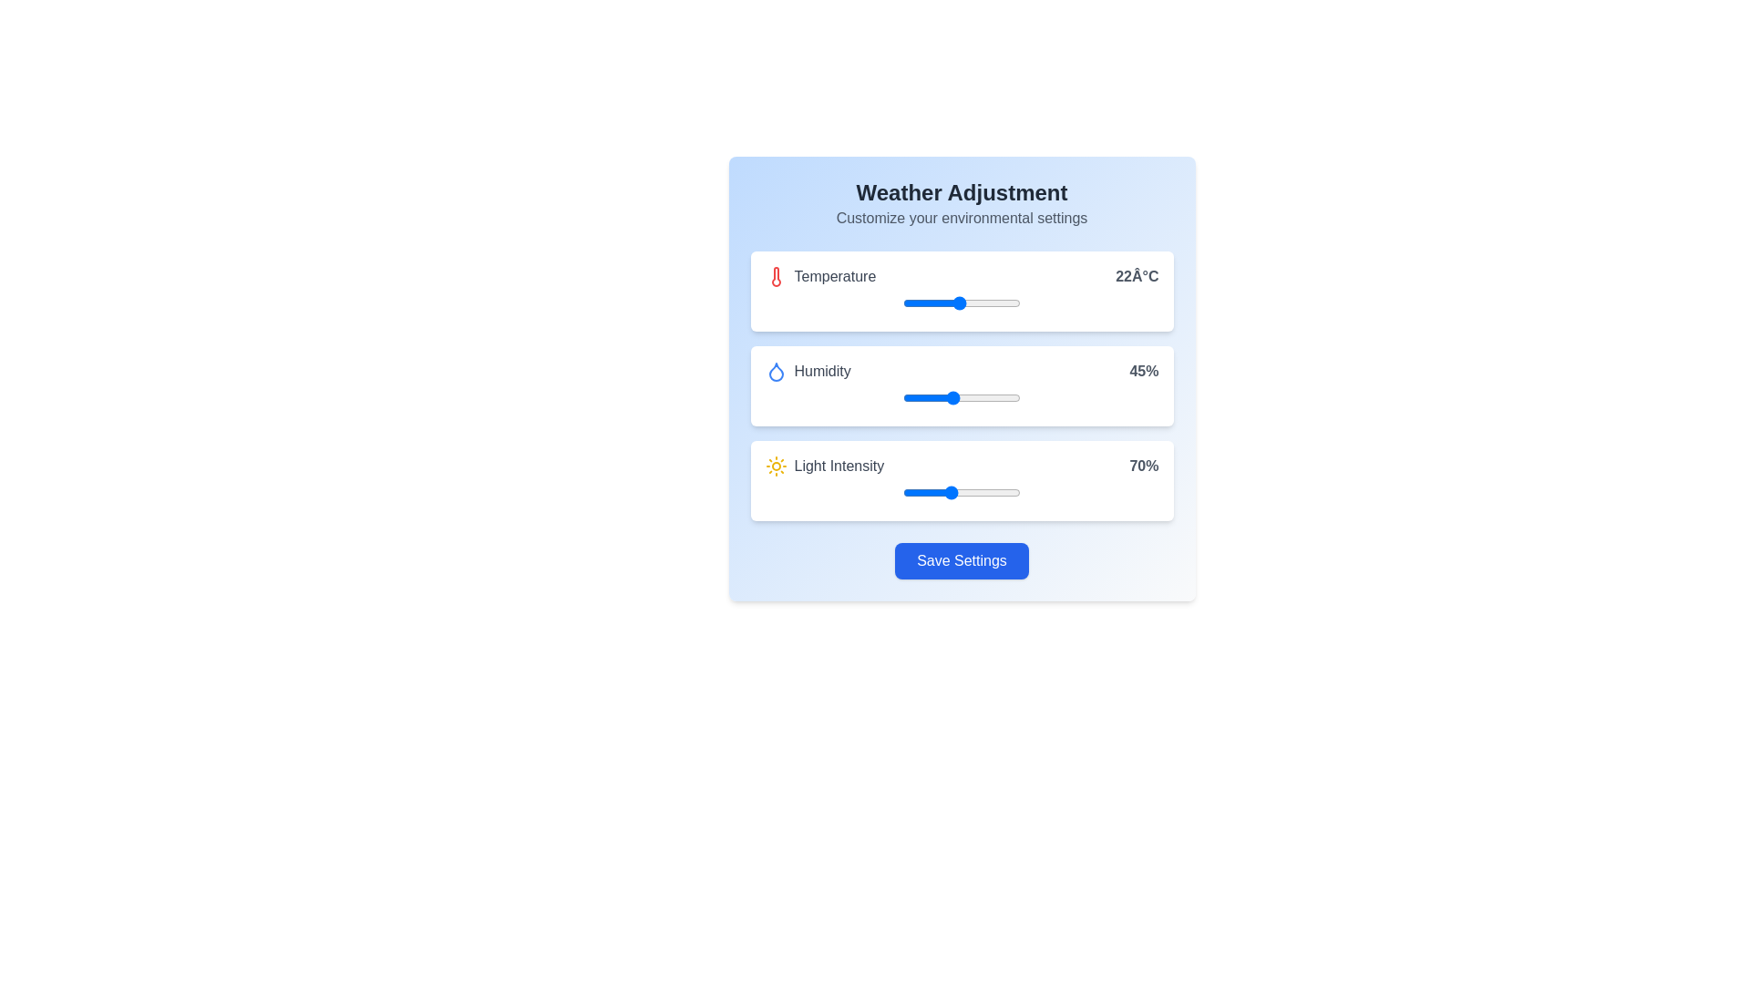 The image size is (1750, 984). What do you see at coordinates (945, 492) in the screenshot?
I see `the light intensity` at bounding box center [945, 492].